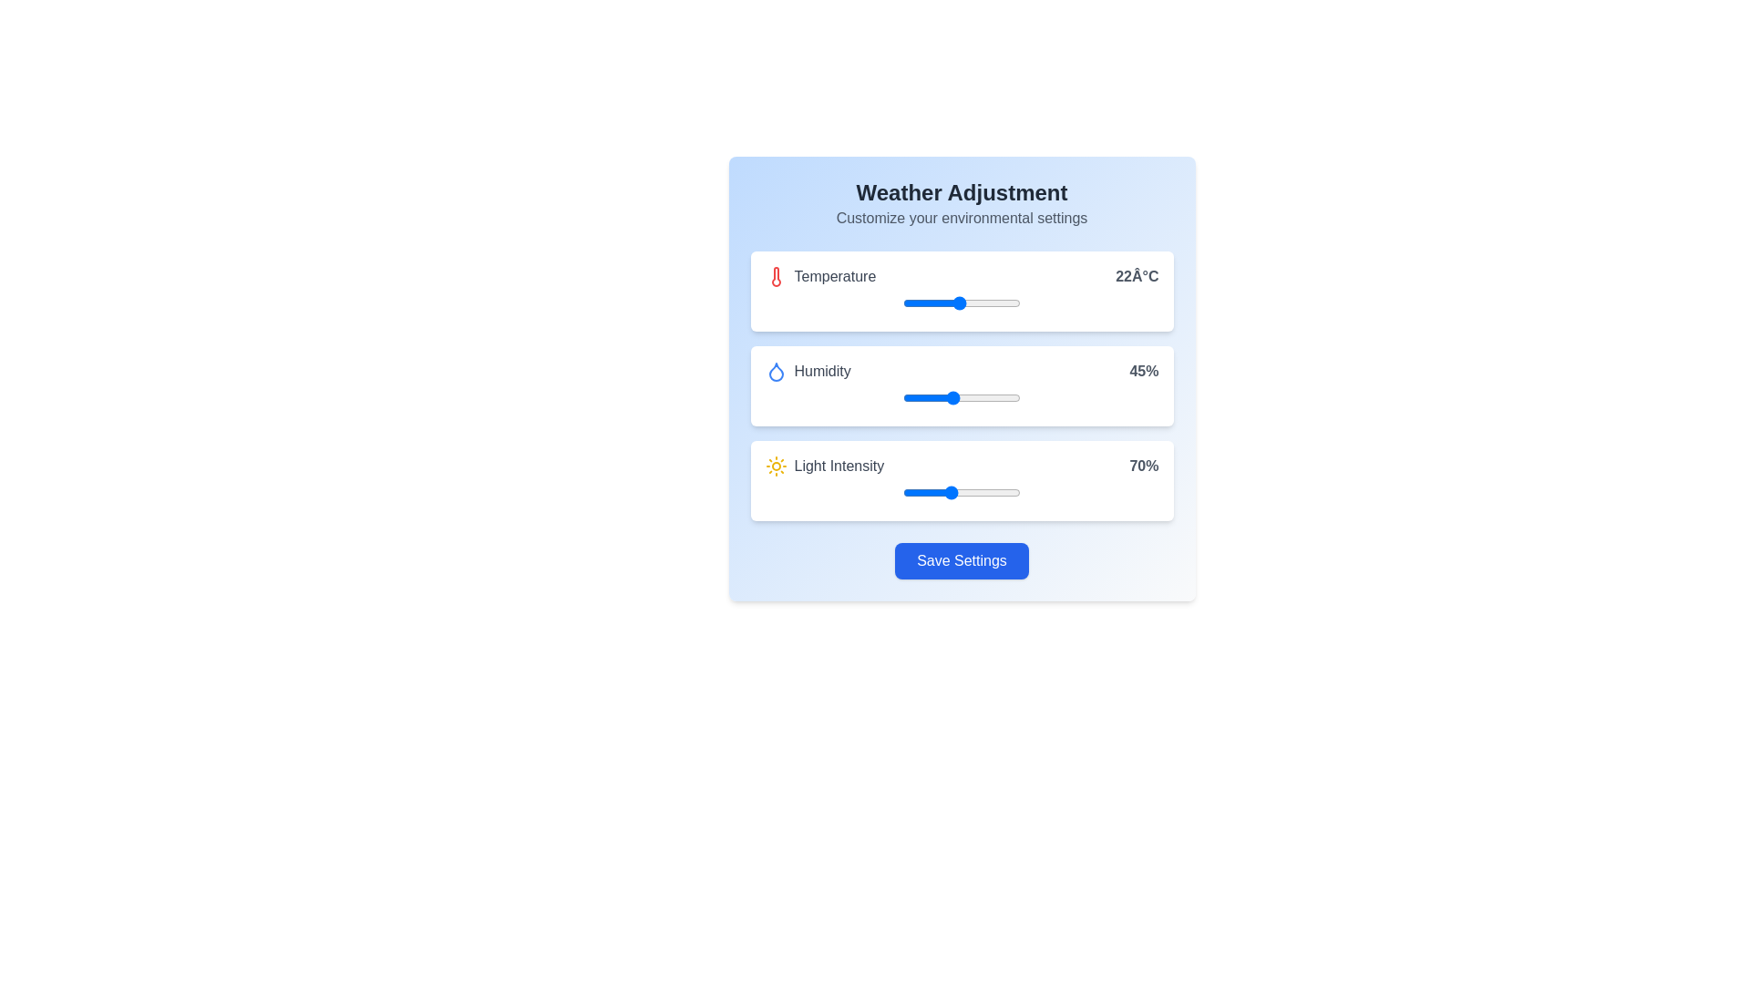 The image size is (1750, 984). What do you see at coordinates (945, 492) in the screenshot?
I see `the light intensity` at bounding box center [945, 492].